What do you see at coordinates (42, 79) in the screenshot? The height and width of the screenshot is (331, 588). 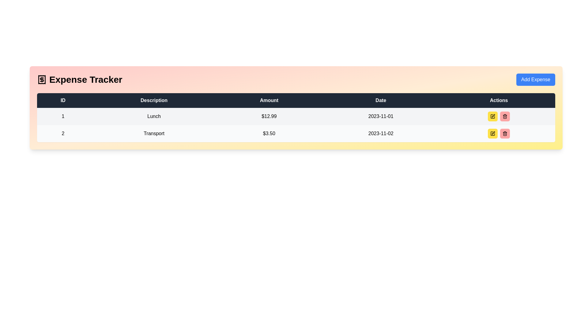 I see `the middle graphical icon of the receipt design, which has a thin black outline and is located to the left of the 'Expense Tracker' header text` at bounding box center [42, 79].